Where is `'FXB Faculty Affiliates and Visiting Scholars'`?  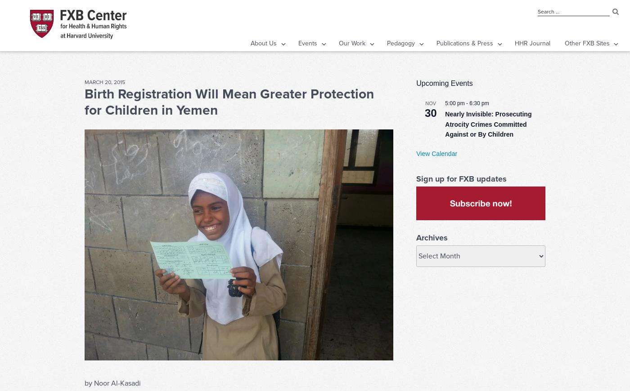
'FXB Faculty Affiliates and Visiting Scholars' is located at coordinates (232, 123).